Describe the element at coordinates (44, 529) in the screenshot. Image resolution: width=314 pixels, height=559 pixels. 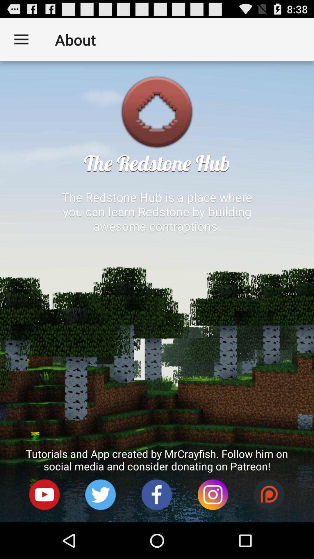
I see `the play icon` at that location.